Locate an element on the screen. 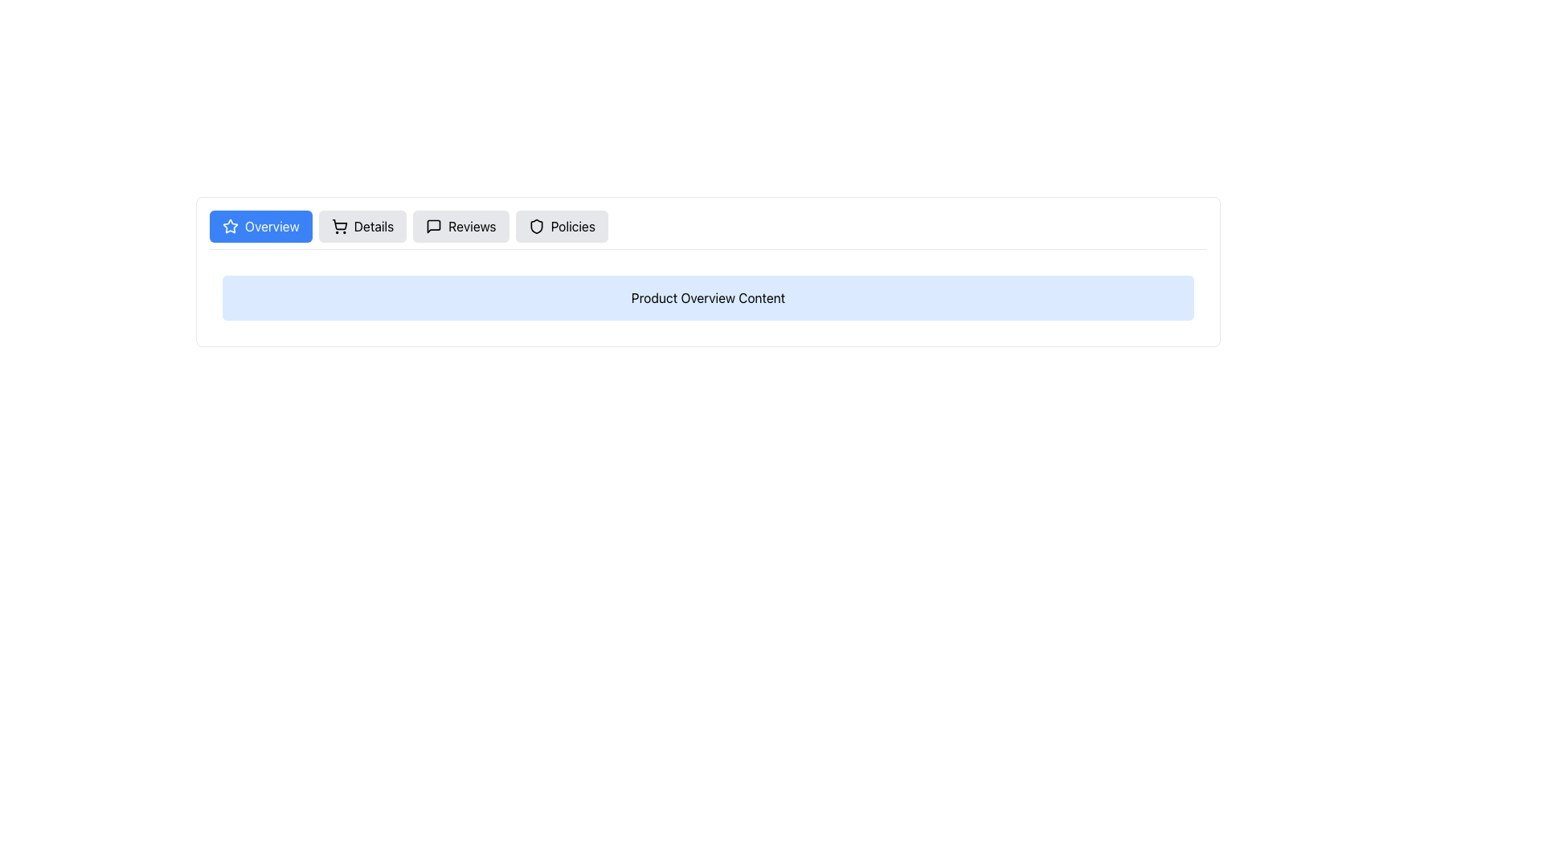 This screenshot has height=868, width=1543. the 'Overview' button located in the top left corner of the navigation bar is located at coordinates (260, 226).